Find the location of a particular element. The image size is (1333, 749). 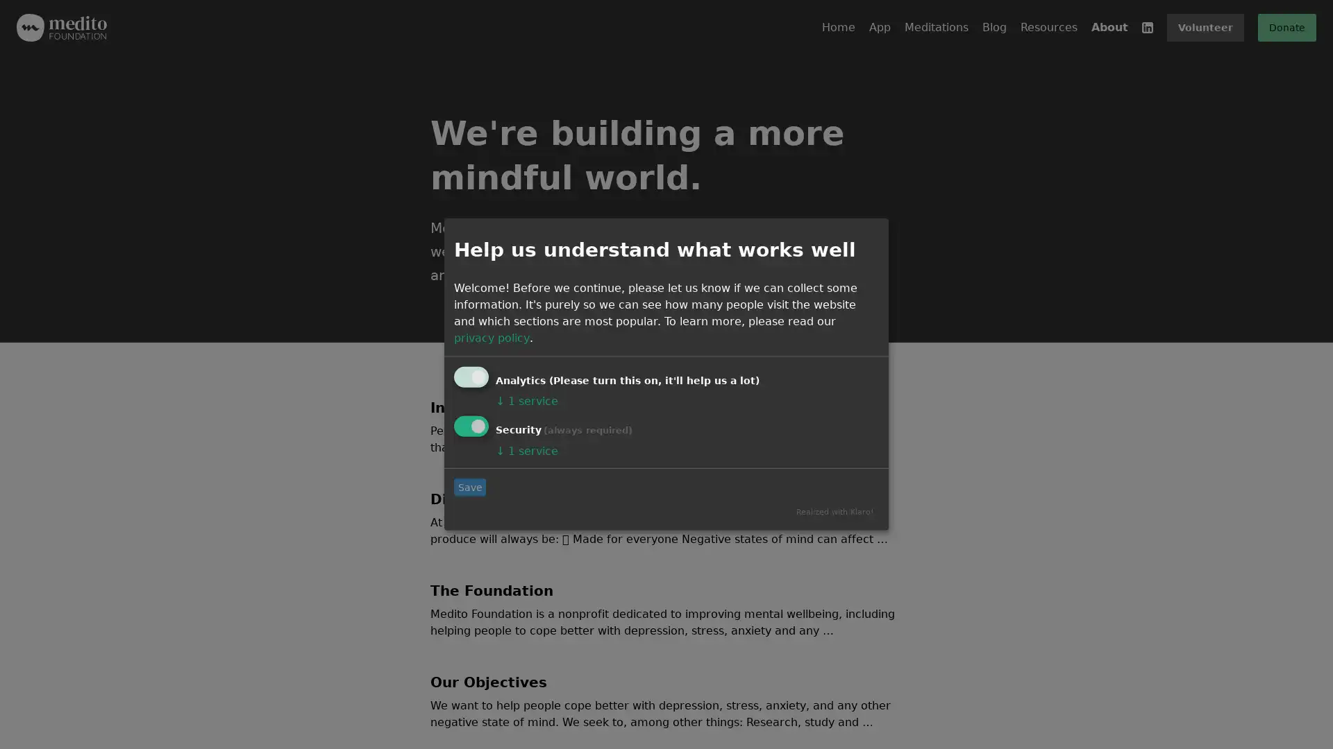

Volunteer is located at coordinates (1205, 27).